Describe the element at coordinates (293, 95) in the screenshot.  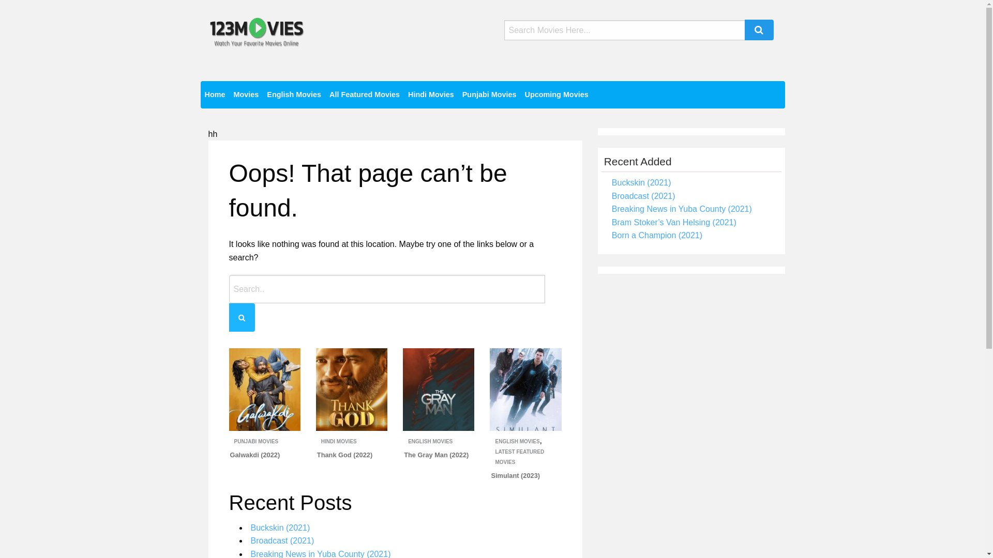
I see `'English Movies'` at that location.